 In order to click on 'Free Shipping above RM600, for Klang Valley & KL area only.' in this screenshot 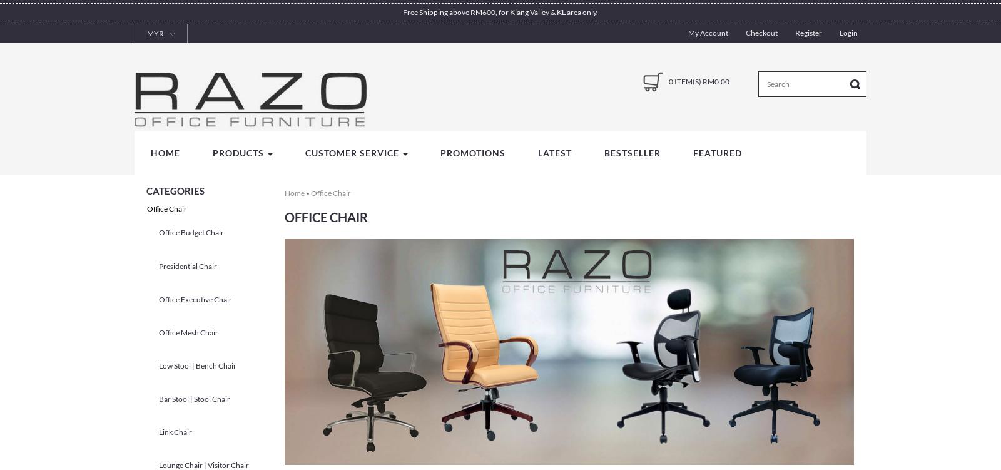, I will do `click(403, 12)`.